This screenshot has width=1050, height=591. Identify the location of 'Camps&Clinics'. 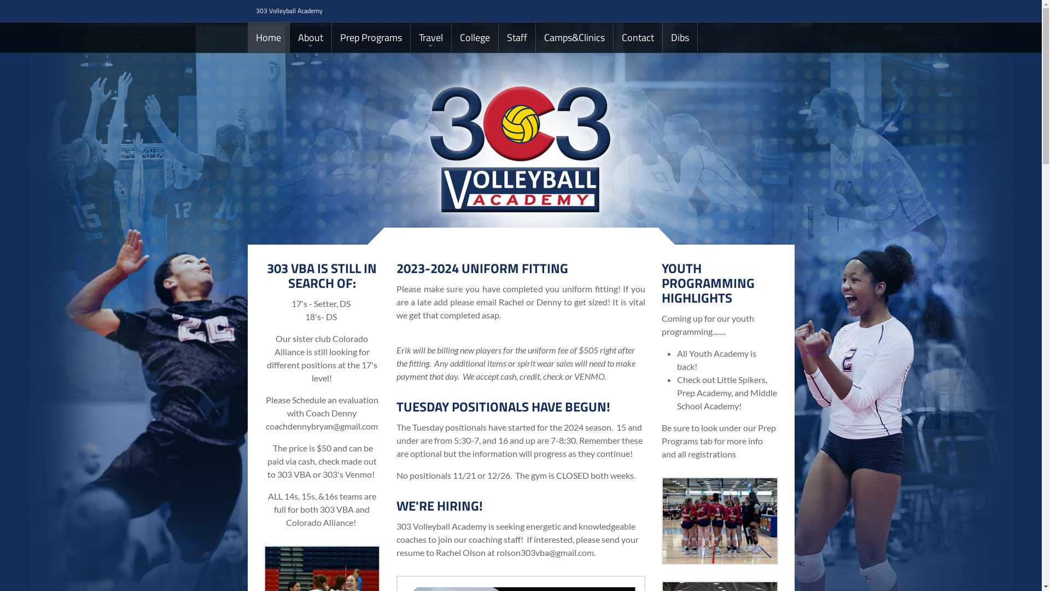
(535, 37).